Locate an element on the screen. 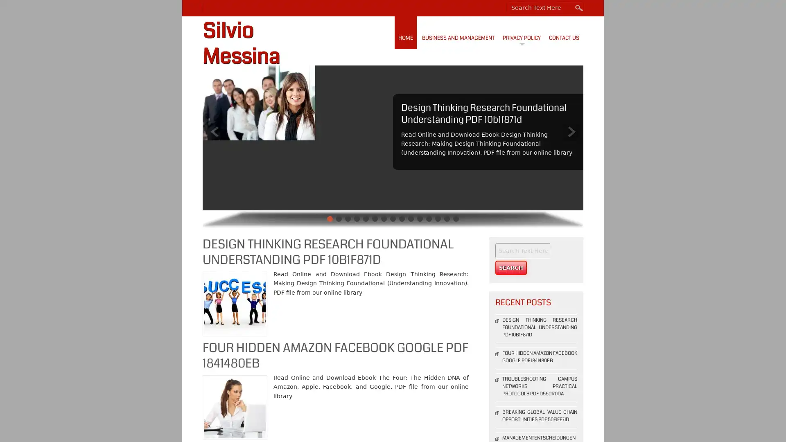 This screenshot has width=786, height=442. Search is located at coordinates (510, 268).